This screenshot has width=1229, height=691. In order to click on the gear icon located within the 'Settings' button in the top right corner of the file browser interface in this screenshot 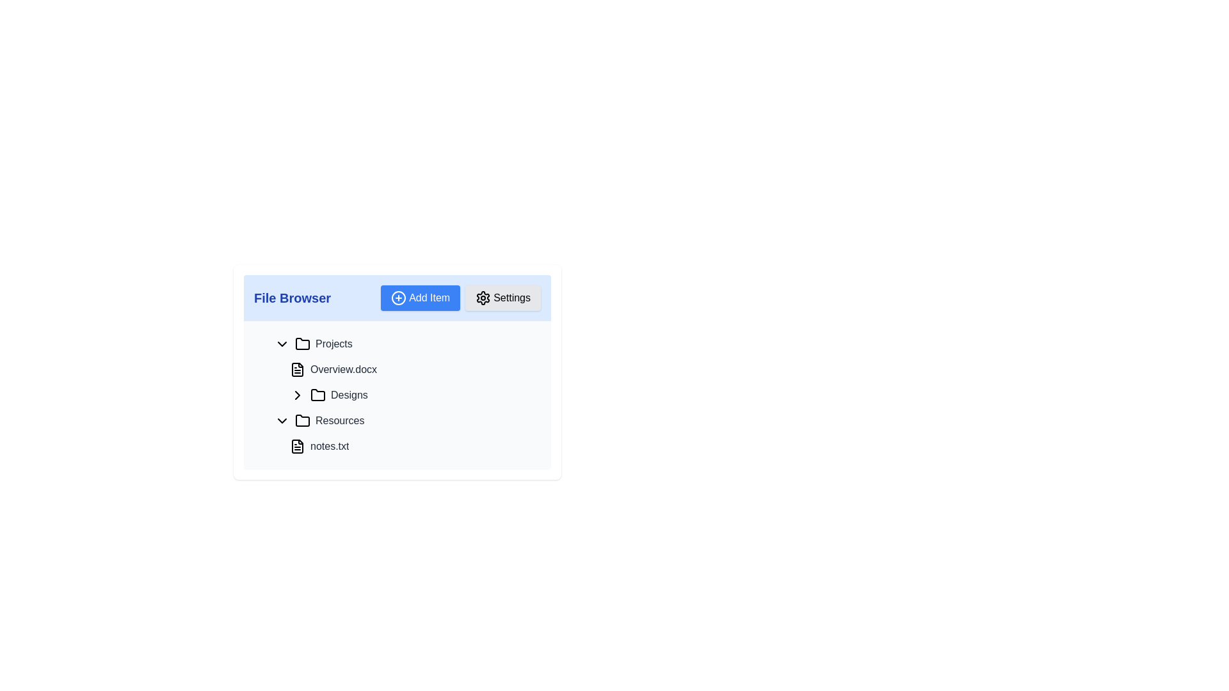, I will do `click(483, 298)`.